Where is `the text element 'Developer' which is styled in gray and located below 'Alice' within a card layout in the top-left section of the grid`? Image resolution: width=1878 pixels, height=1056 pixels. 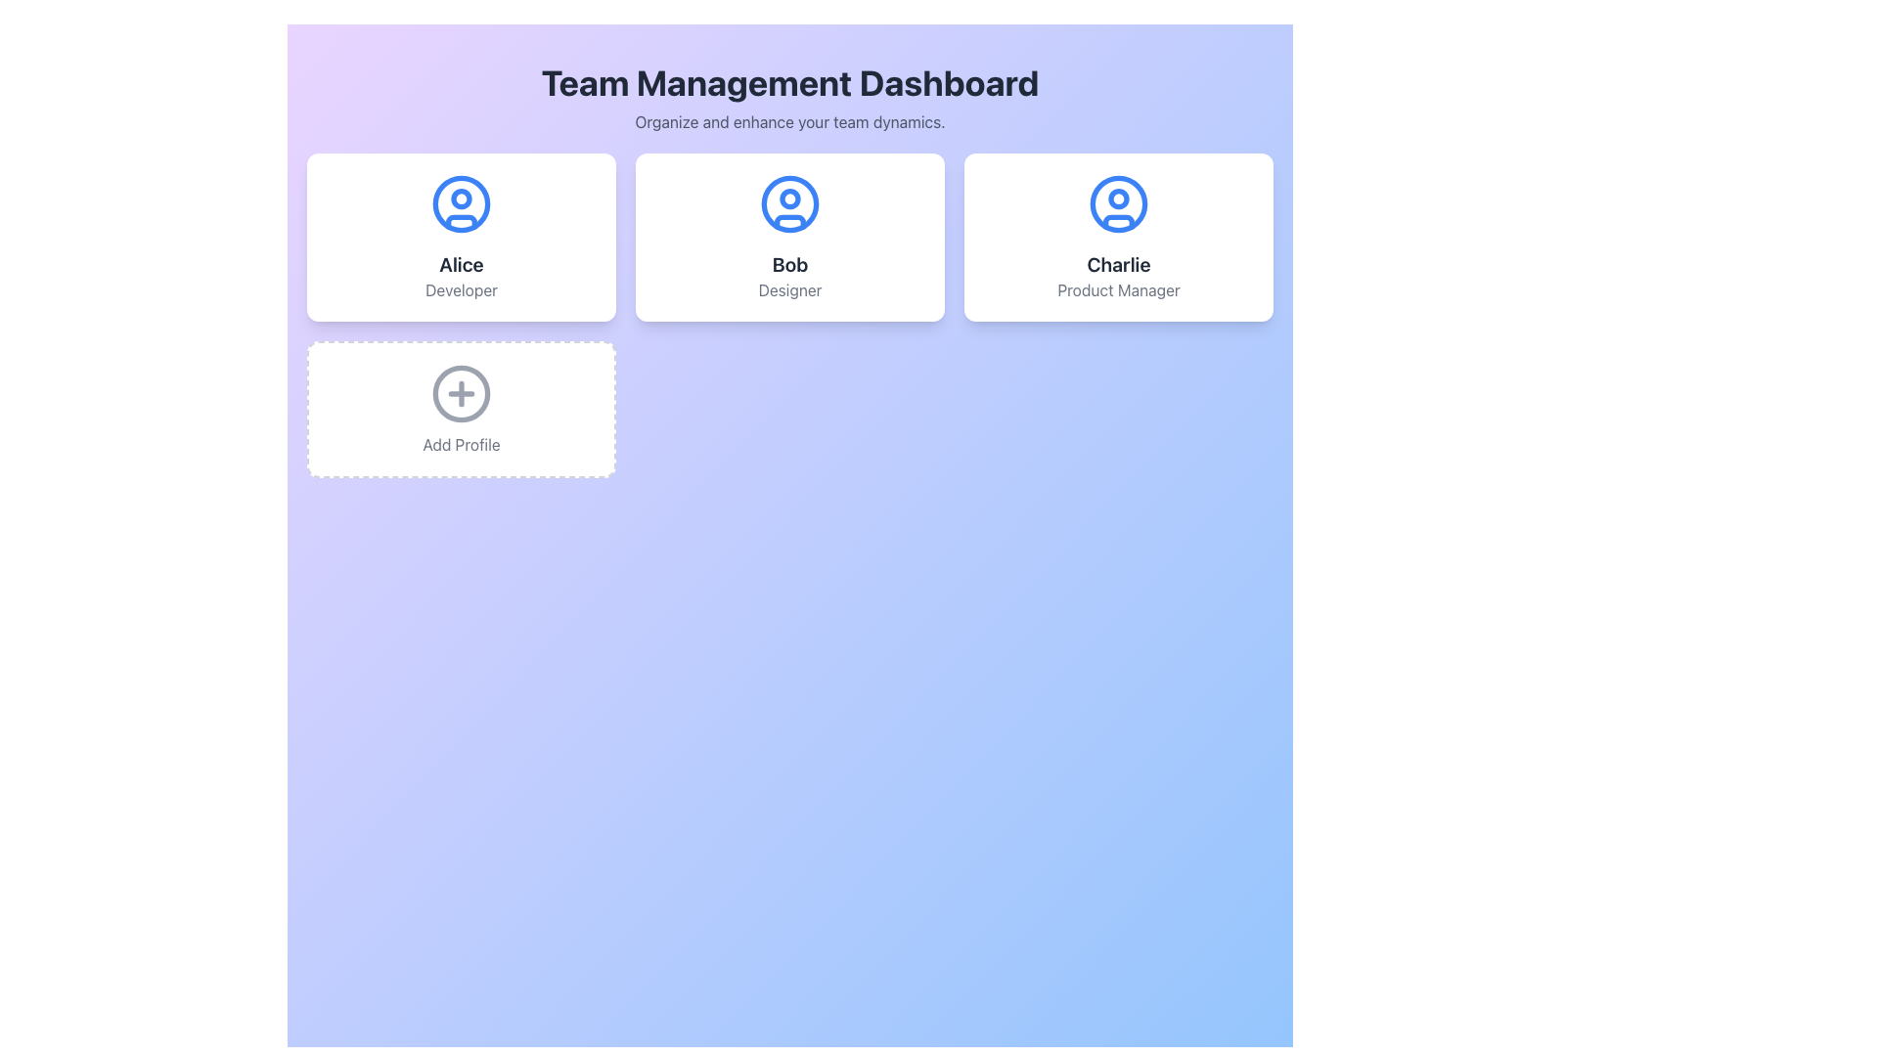
the text element 'Developer' which is styled in gray and located below 'Alice' within a card layout in the top-left section of the grid is located at coordinates (460, 290).